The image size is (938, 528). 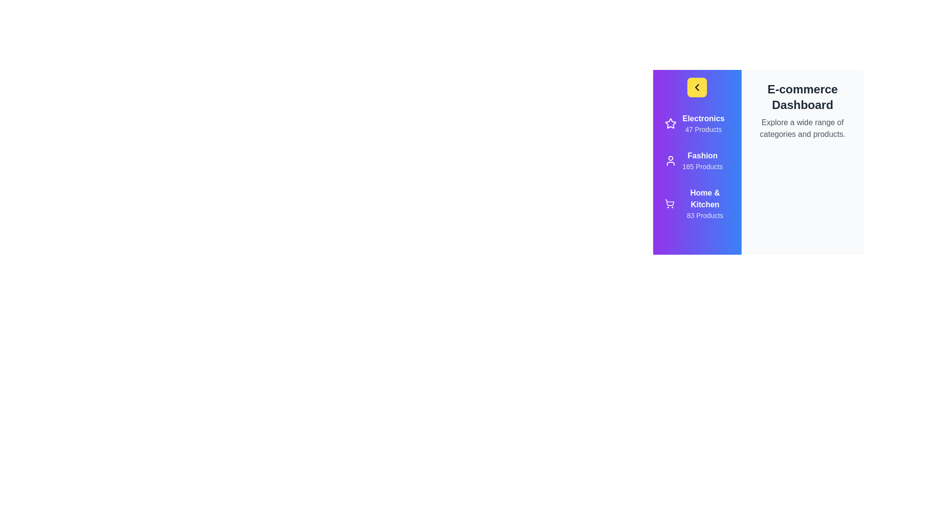 I want to click on the category Home & Kitchen to select it, so click(x=696, y=203).